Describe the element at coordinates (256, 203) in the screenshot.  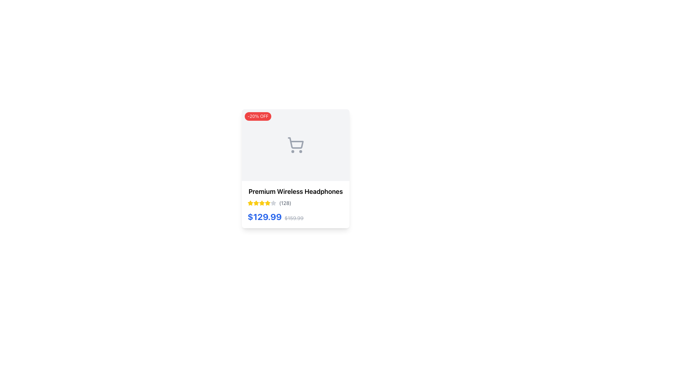
I see `the third star icon in the five-star rating system located on the left side of the product information card, above the price section` at that location.